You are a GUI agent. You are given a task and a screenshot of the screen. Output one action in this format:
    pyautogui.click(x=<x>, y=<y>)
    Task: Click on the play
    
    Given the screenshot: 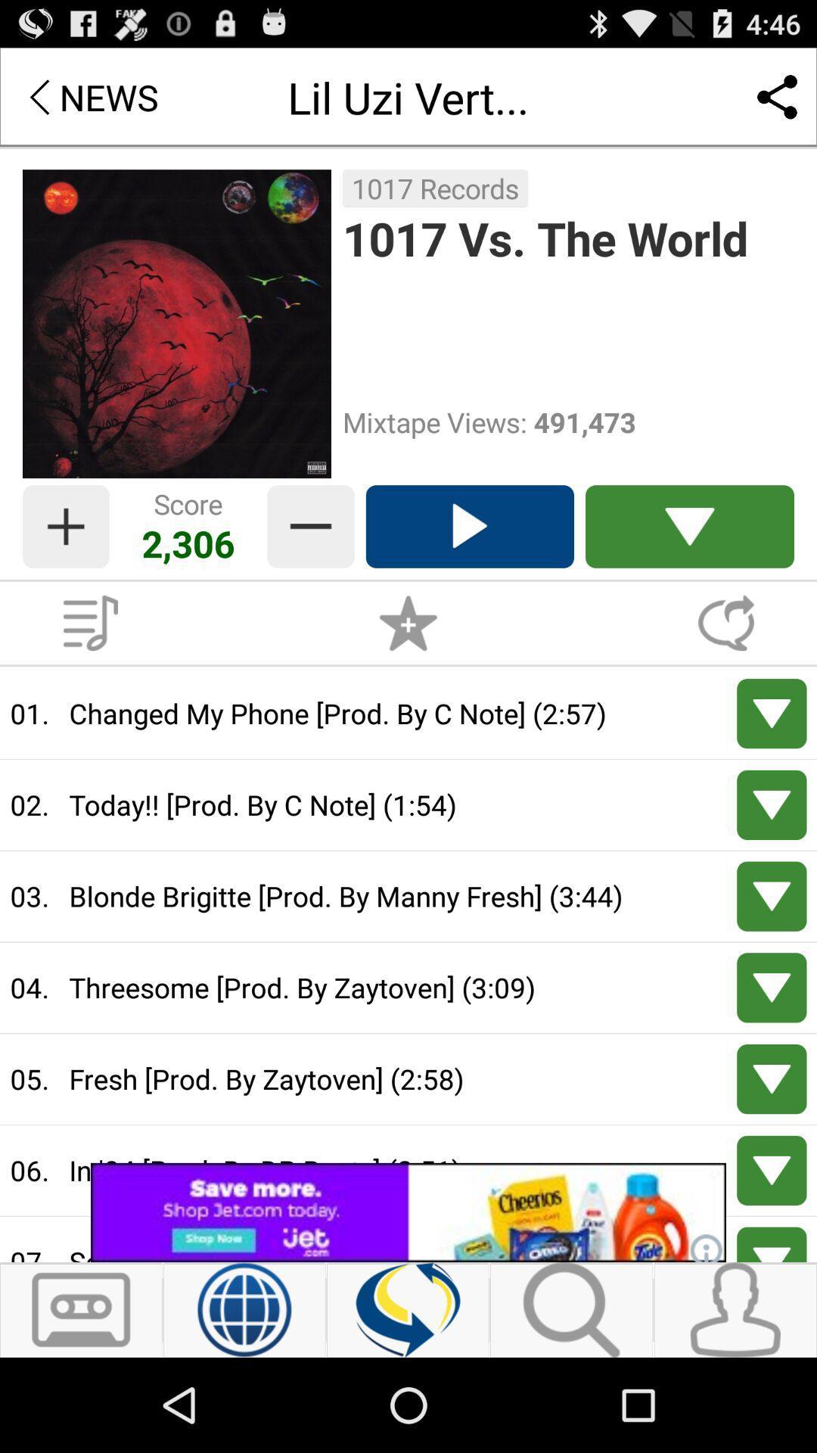 What is the action you would take?
    pyautogui.click(x=772, y=1244)
    